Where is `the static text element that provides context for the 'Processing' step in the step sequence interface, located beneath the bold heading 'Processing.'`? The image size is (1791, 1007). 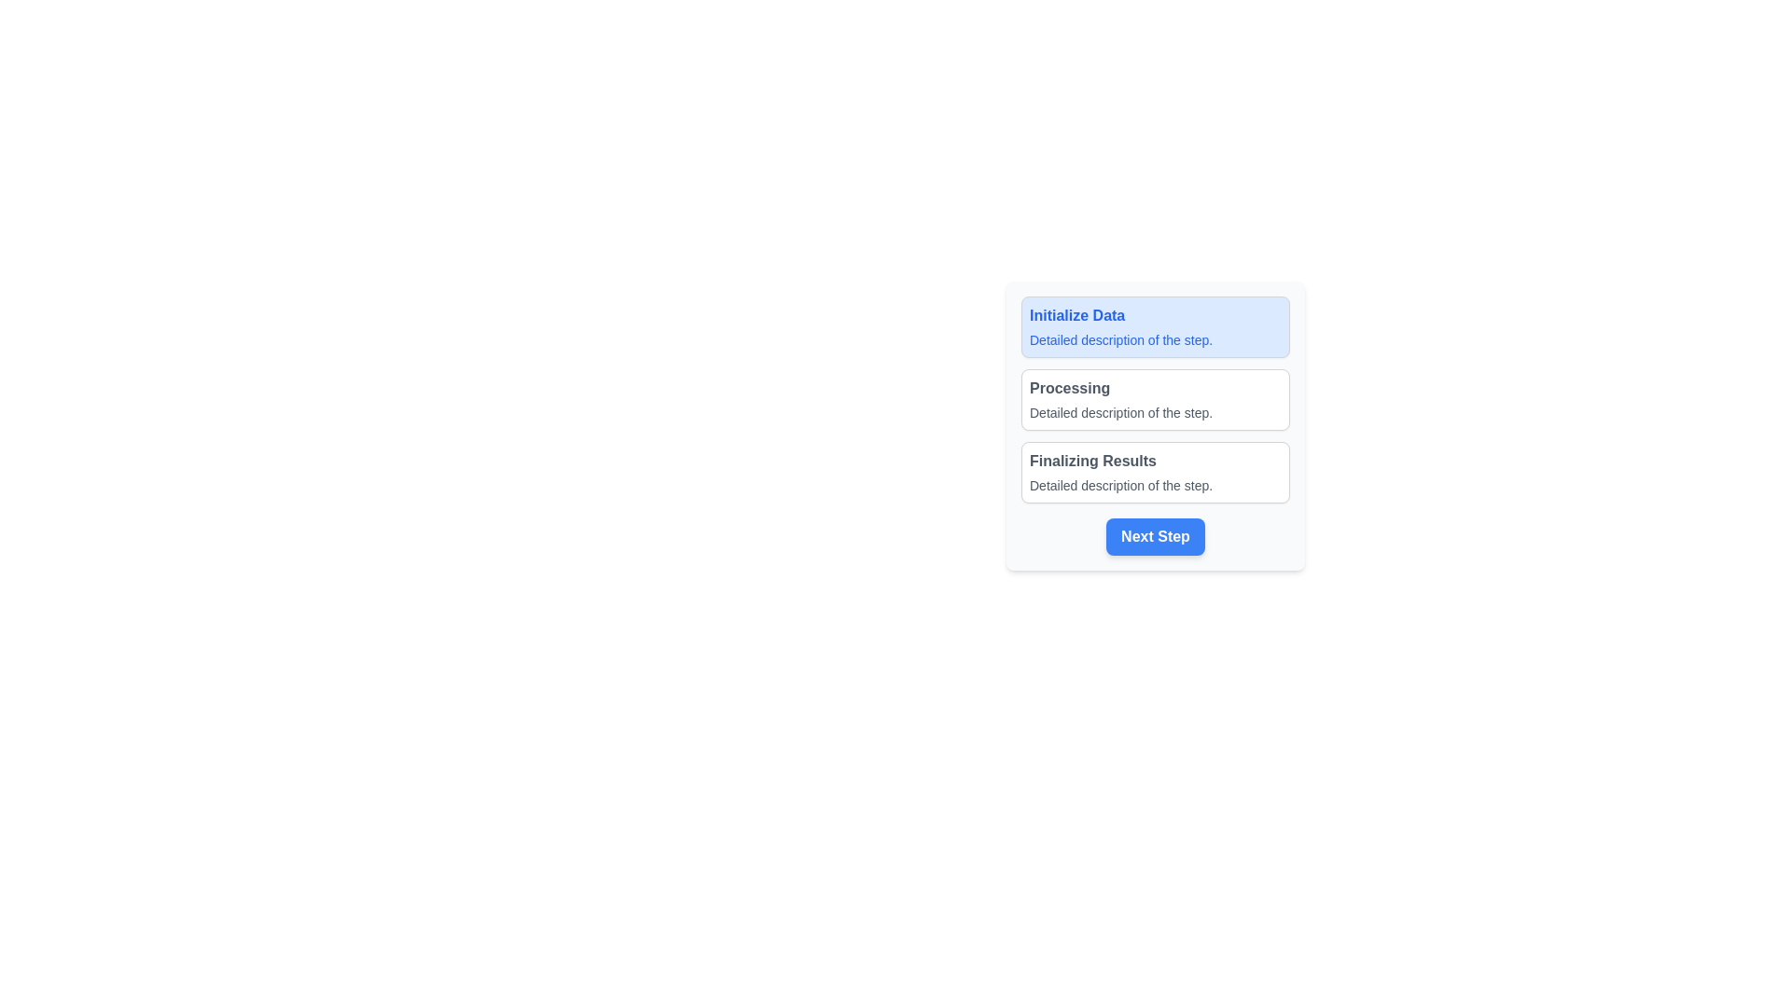
the static text element that provides context for the 'Processing' step in the step sequence interface, located beneath the bold heading 'Processing.' is located at coordinates (1154, 412).